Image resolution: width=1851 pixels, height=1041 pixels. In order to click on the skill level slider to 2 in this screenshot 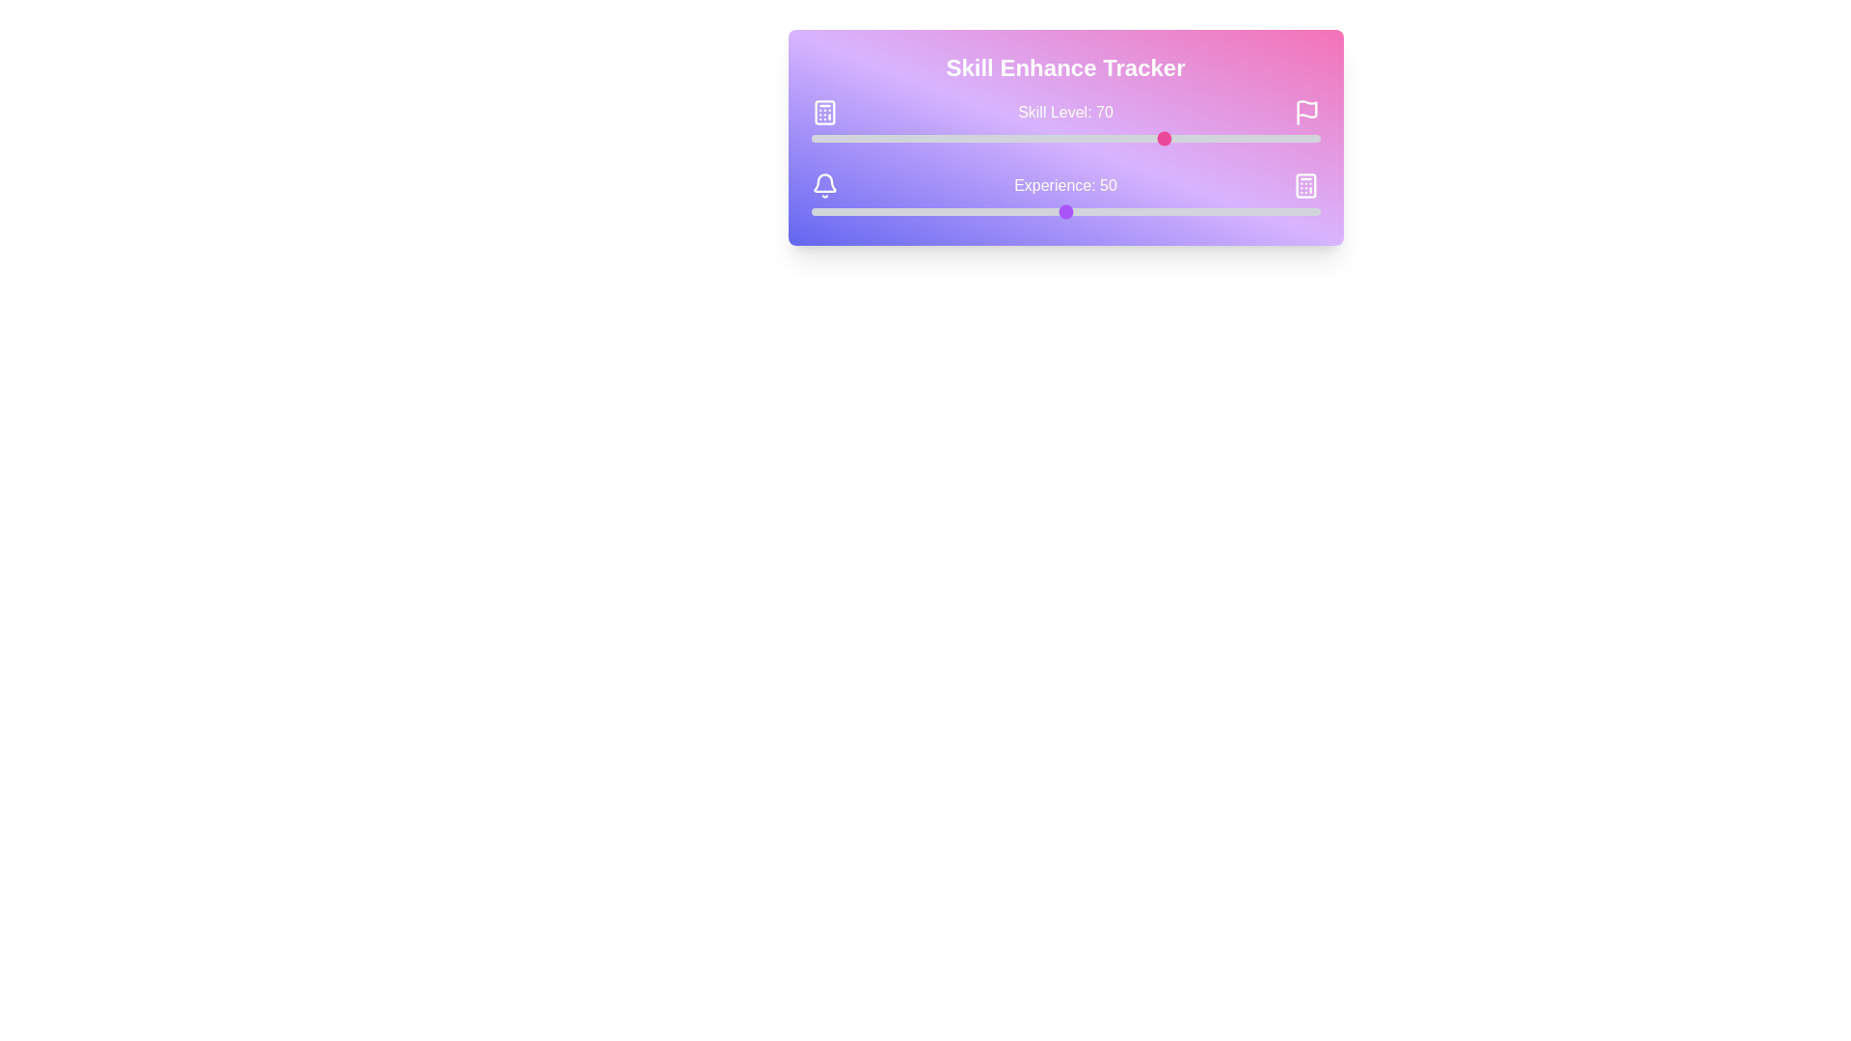, I will do `click(821, 137)`.